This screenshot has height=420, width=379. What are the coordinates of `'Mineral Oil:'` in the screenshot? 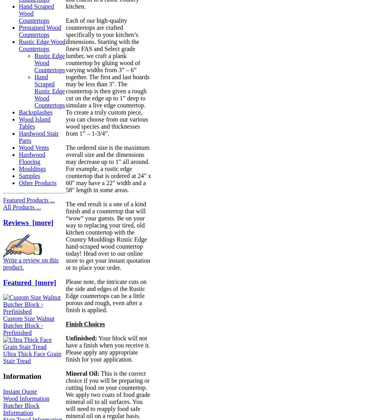 It's located at (82, 373).